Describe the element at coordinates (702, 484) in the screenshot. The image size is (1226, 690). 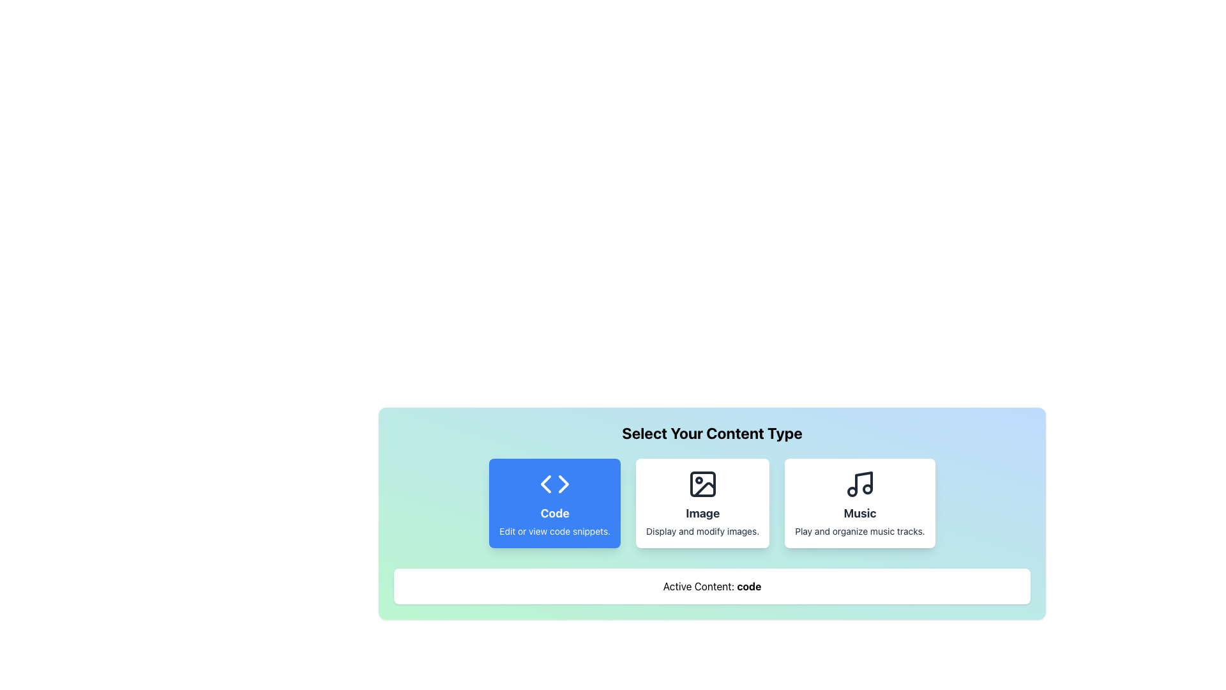
I see `the image icon located in the middle card of the three horizontally aligned cards, which has the text 'Image' below it and is surrounded by a light background` at that location.